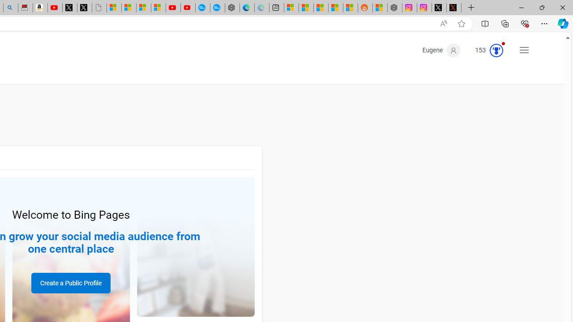 The width and height of the screenshot is (573, 322). I want to click on 'Shanghai, China Weather trends | Microsoft Weather', so click(350, 8).